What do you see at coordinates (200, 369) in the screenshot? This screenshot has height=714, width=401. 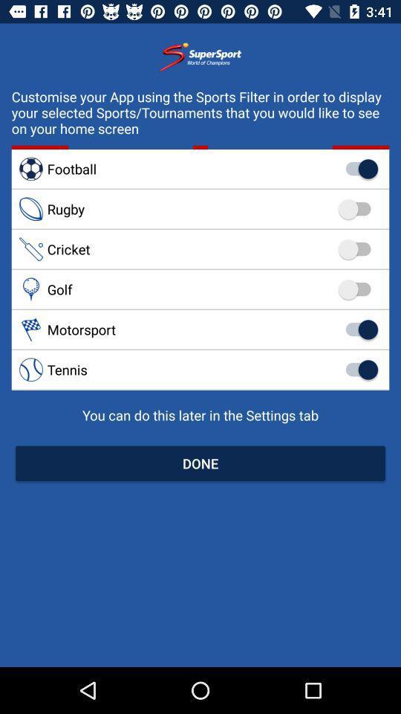 I see `the tennis item` at bounding box center [200, 369].